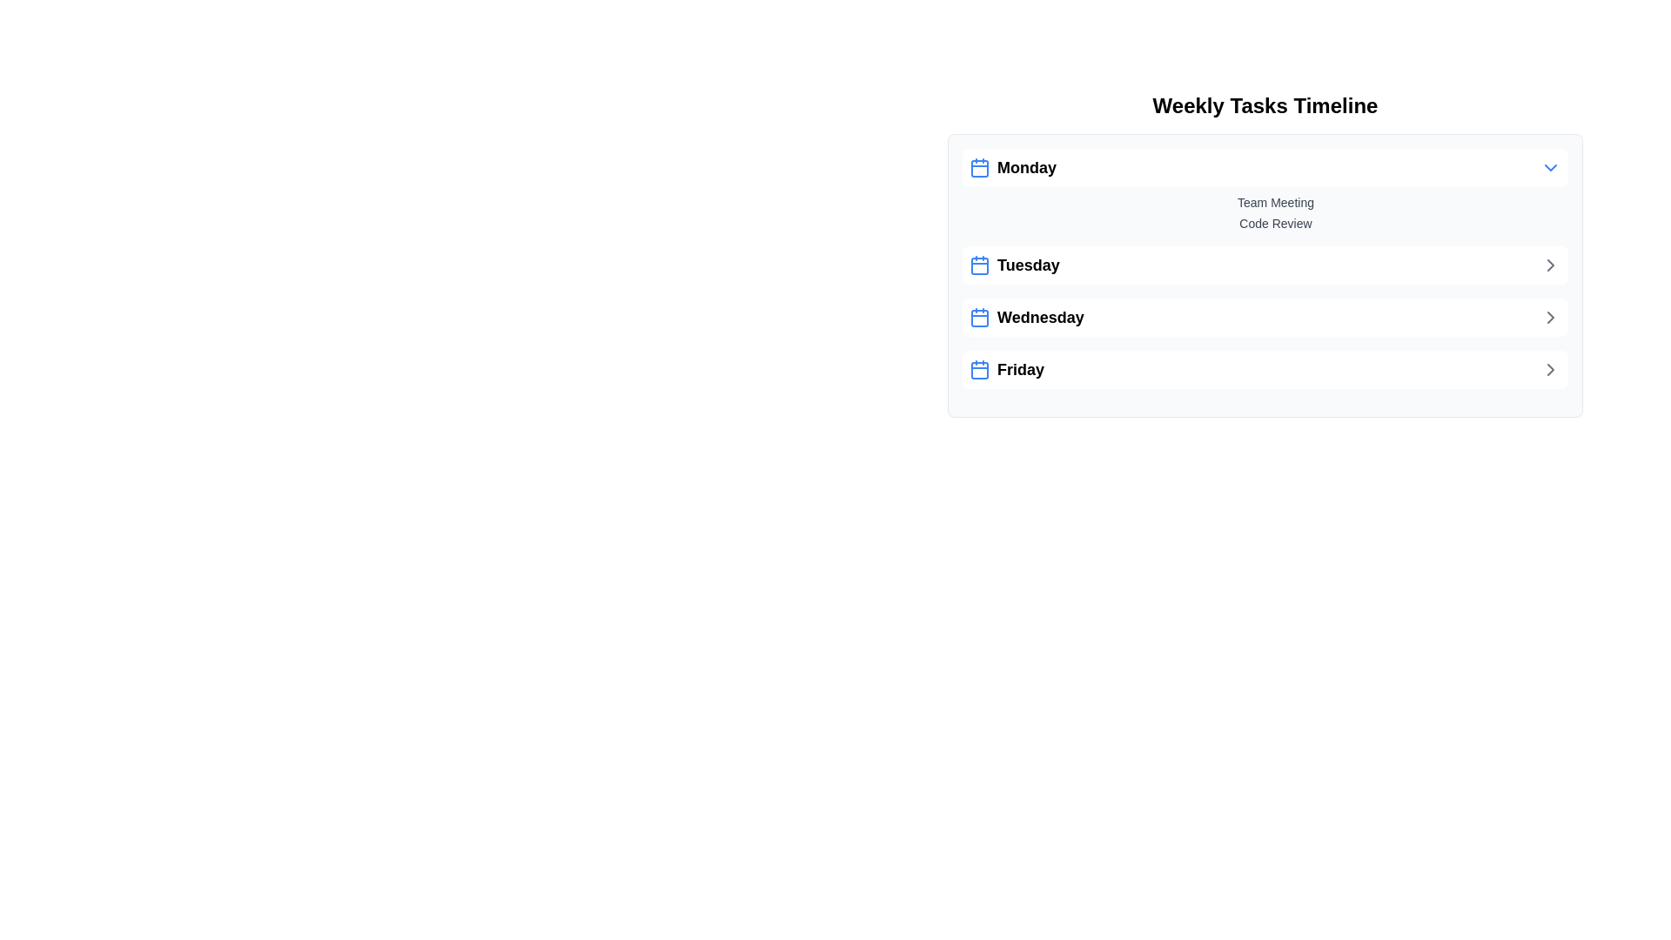 The image size is (1671, 940). I want to click on the calendar SVG icon with blue strokes located at the top-left of the 'Monday' list item in the weekly tasks timeline, so click(980, 167).